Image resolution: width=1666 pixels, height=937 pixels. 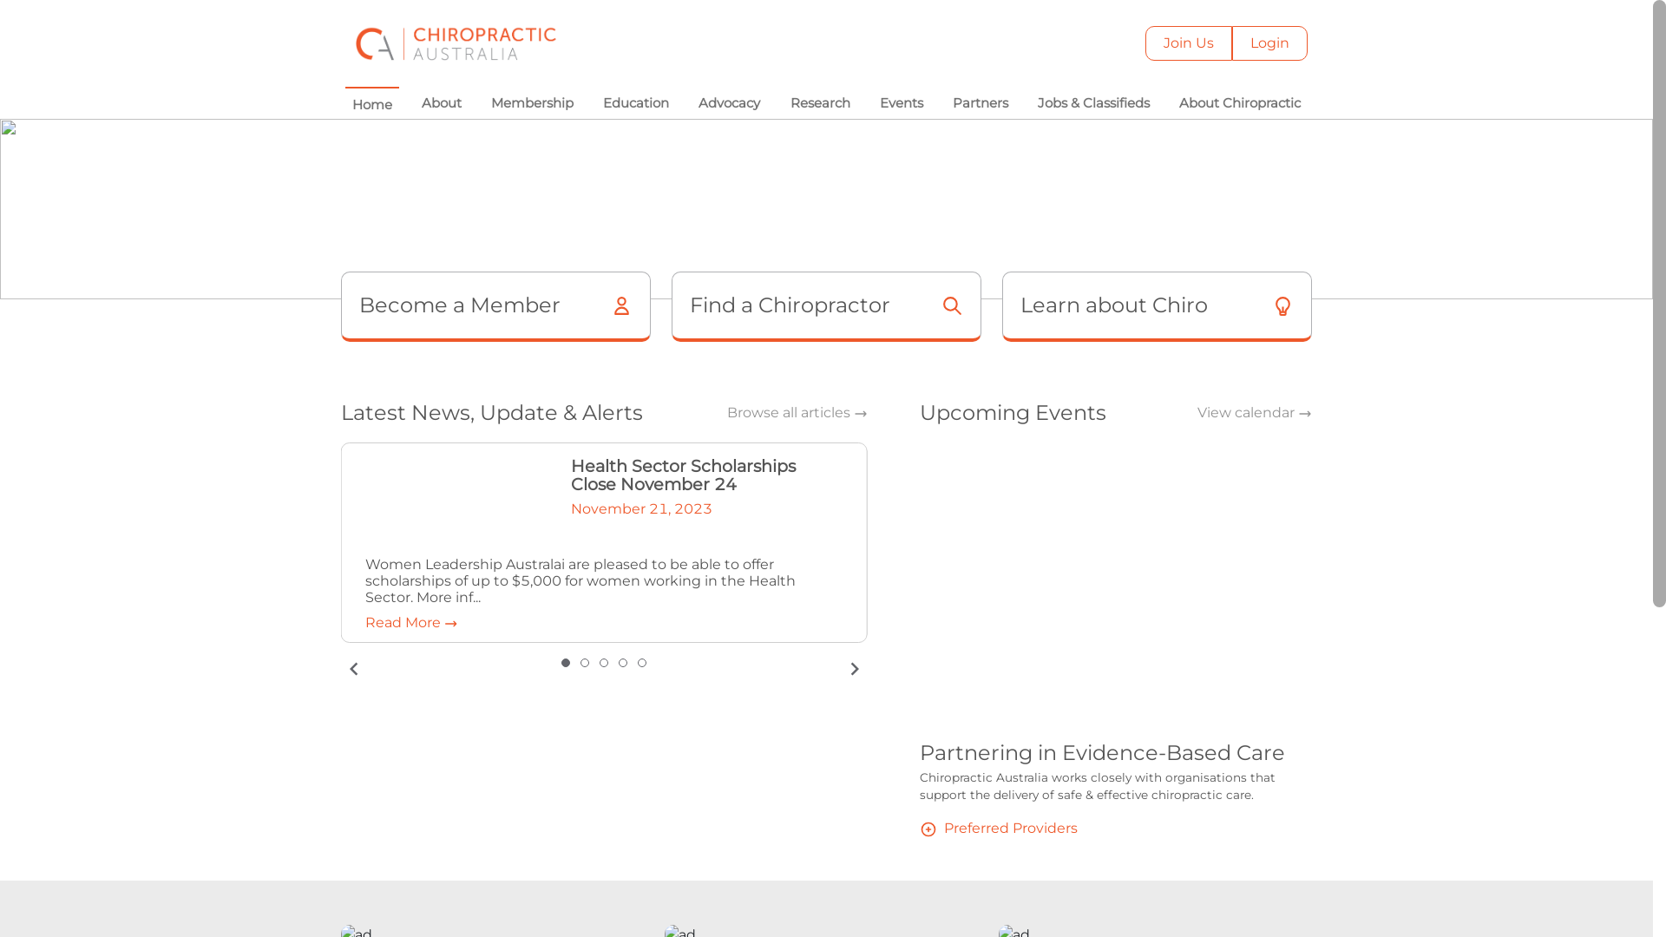 What do you see at coordinates (584, 662) in the screenshot?
I see `'slide item 2'` at bounding box center [584, 662].